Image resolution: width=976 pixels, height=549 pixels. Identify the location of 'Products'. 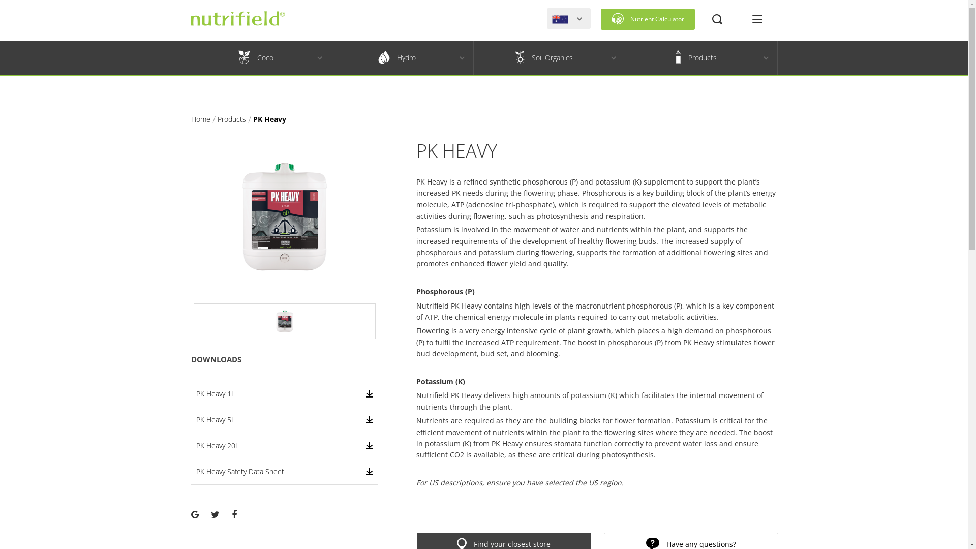
(695, 58).